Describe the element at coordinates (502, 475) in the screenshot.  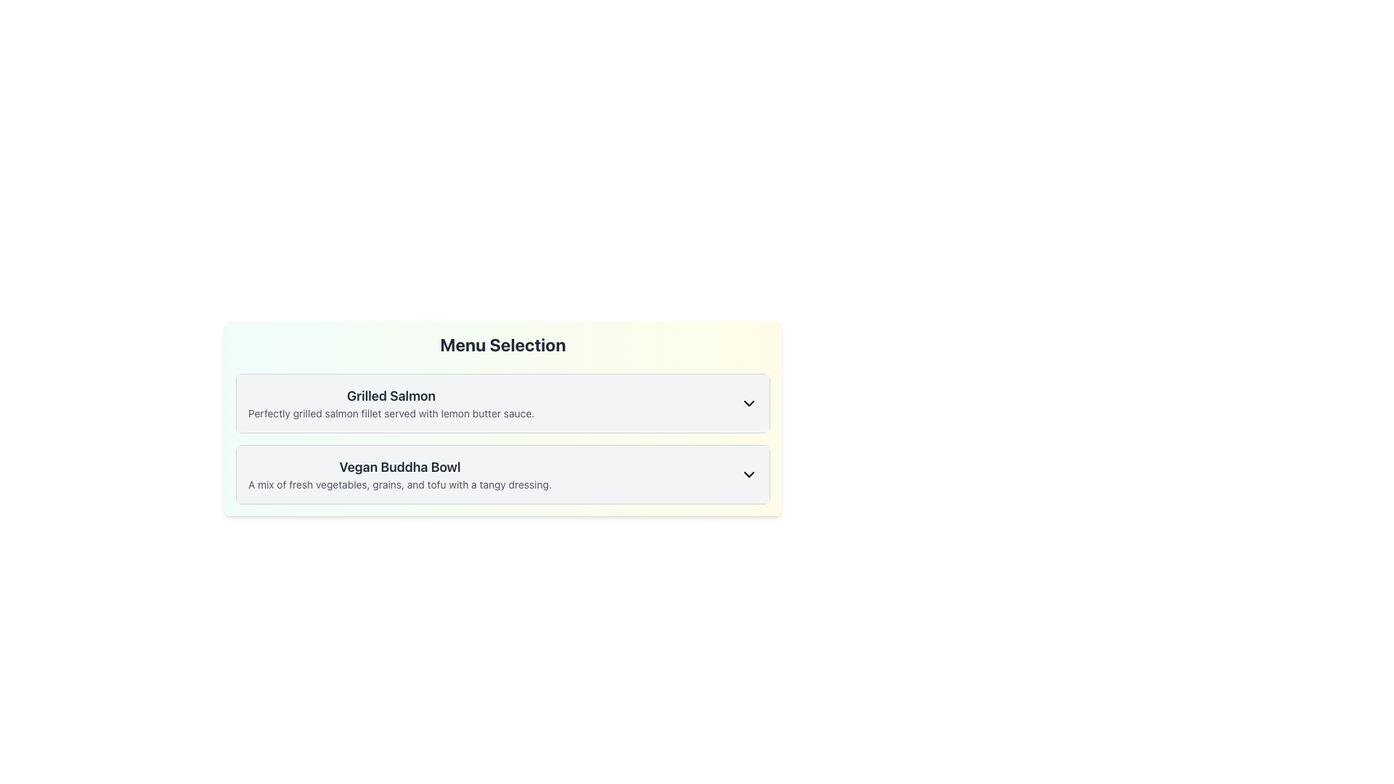
I see `to select the 'Vegan Buddha Bowl' menu item, which is the second option in the vertical selection menu under 'Menu Selection'` at that location.